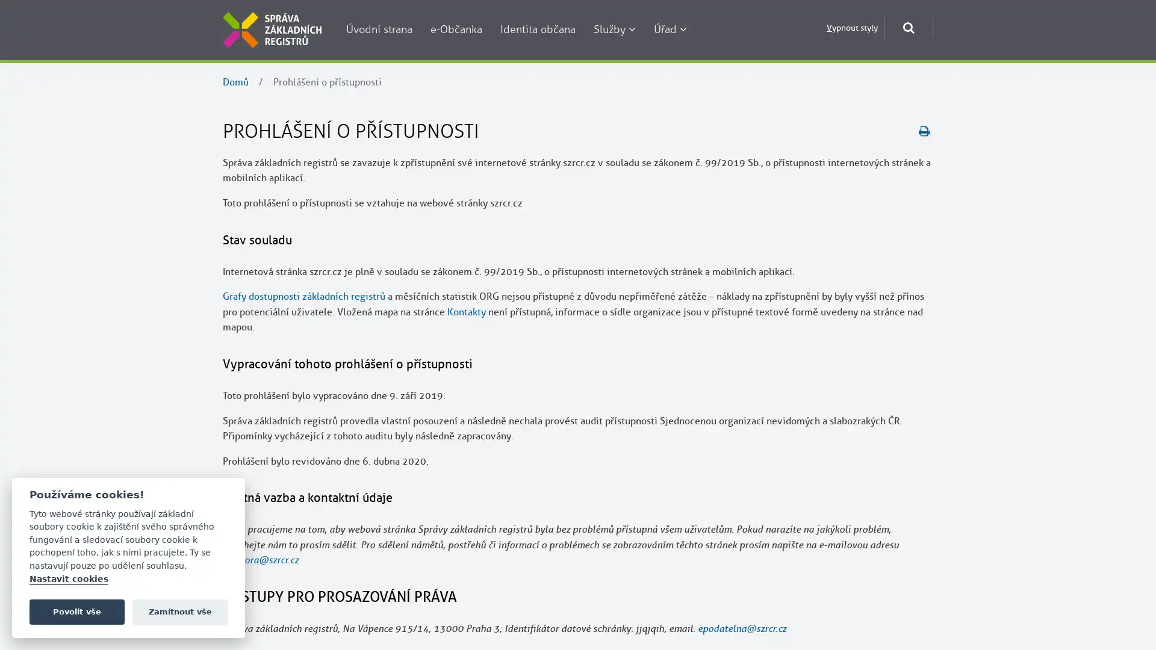 The width and height of the screenshot is (1156, 650). I want to click on Vypnout styly, so click(851, 27).